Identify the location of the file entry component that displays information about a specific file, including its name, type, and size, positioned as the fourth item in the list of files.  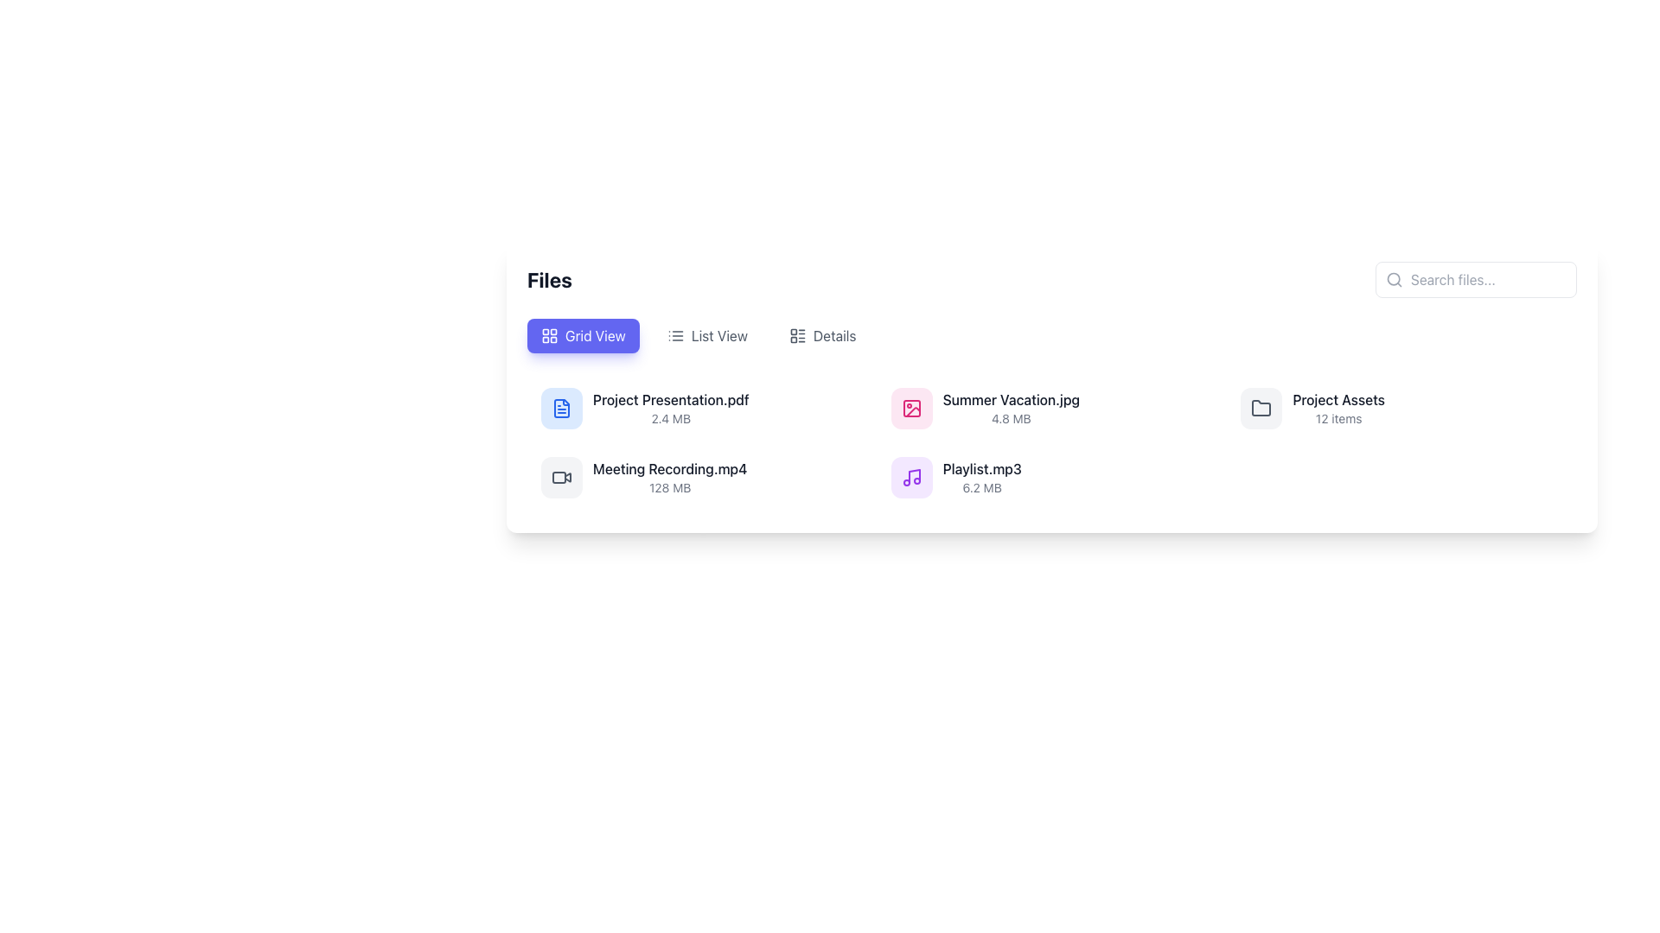
(955, 477).